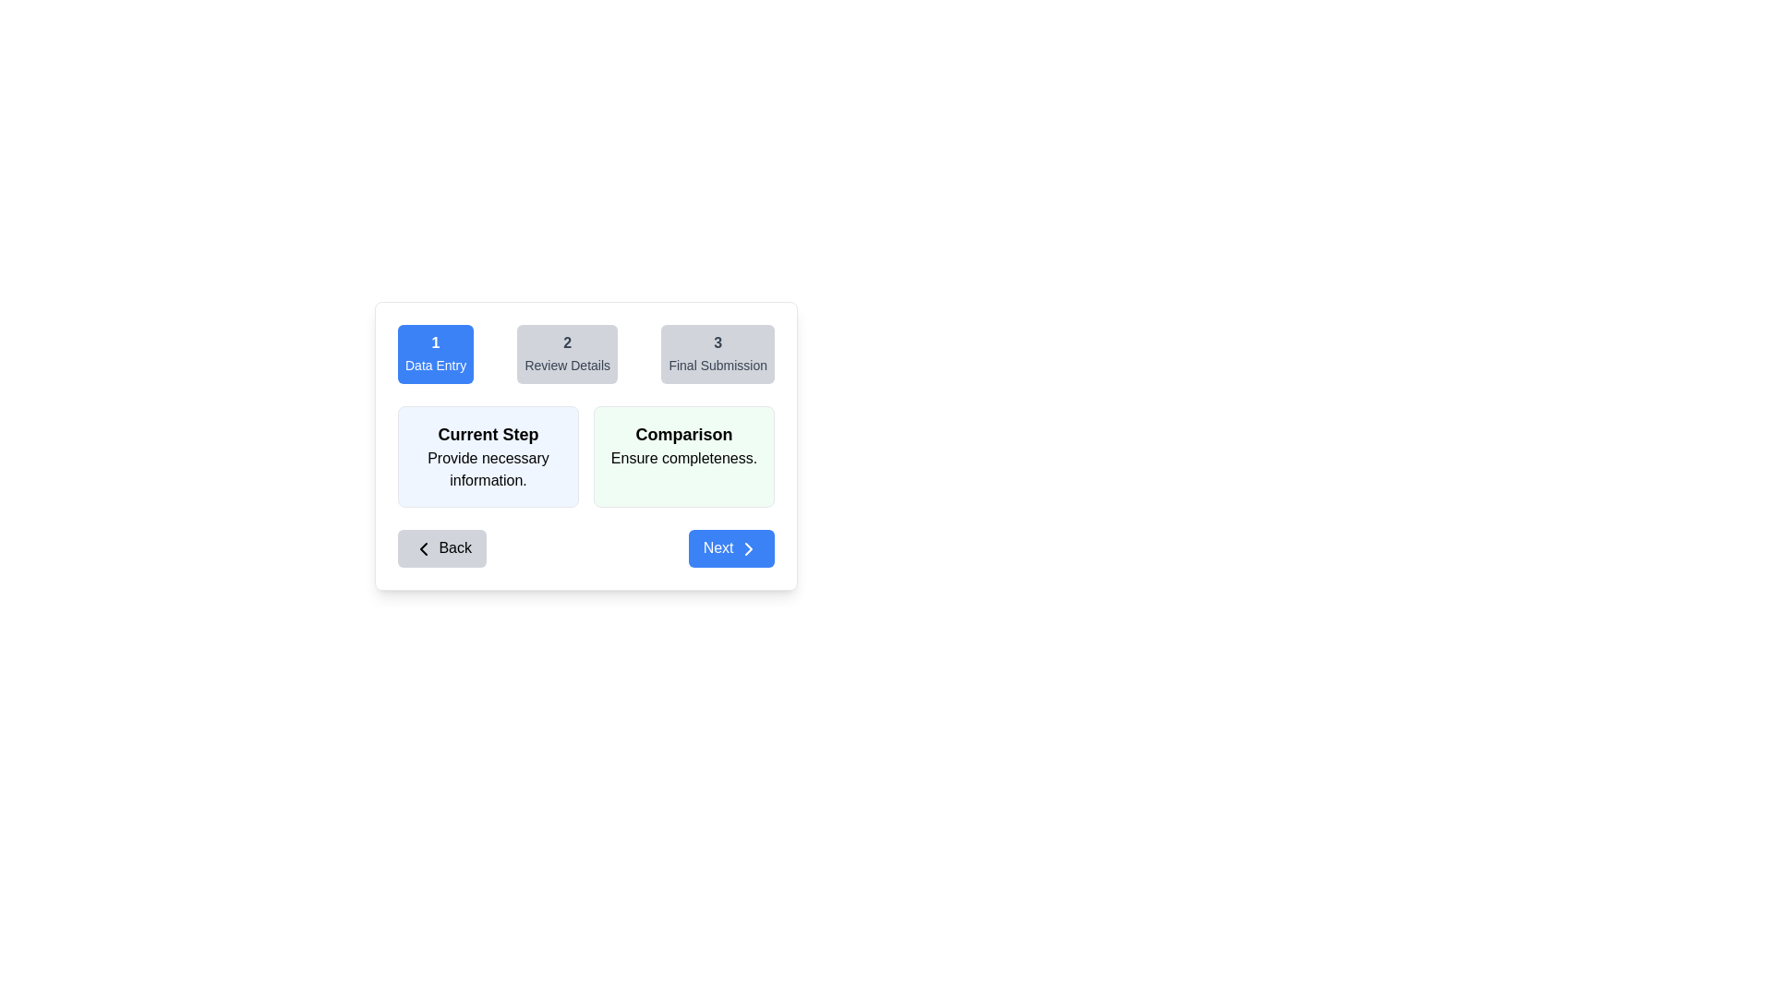 This screenshot has height=997, width=1773. What do you see at coordinates (749, 547) in the screenshot?
I see `the right-facing chevron icon located at the center of the 'Next' button in the bottom-right corner of the interface` at bounding box center [749, 547].